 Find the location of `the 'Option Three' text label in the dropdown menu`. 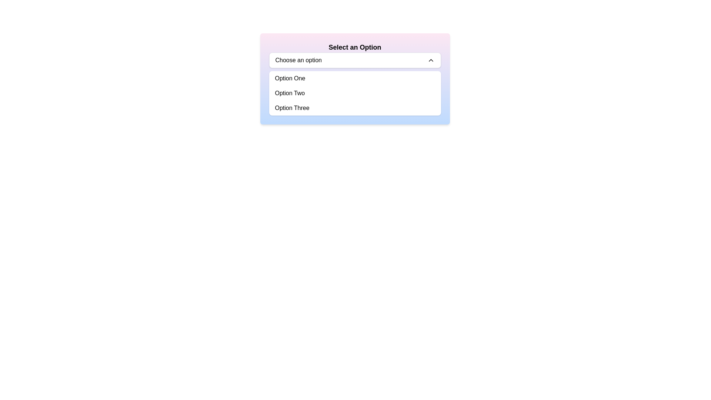

the 'Option Three' text label in the dropdown menu is located at coordinates (292, 108).